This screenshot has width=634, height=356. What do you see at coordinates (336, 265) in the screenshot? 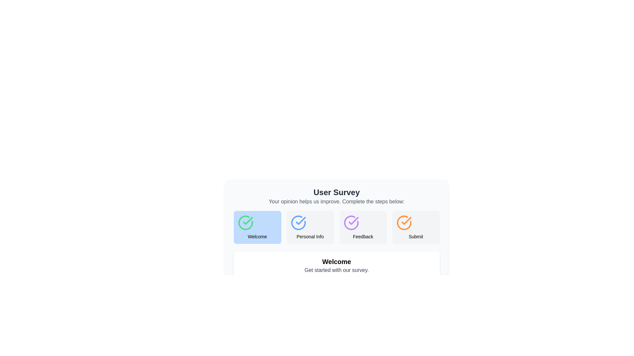
I see `static text block that displays 'Welcome' and 'Get started with our survey.' It has a white background with rounded corners and is centrally aligned below a group of sections` at bounding box center [336, 265].